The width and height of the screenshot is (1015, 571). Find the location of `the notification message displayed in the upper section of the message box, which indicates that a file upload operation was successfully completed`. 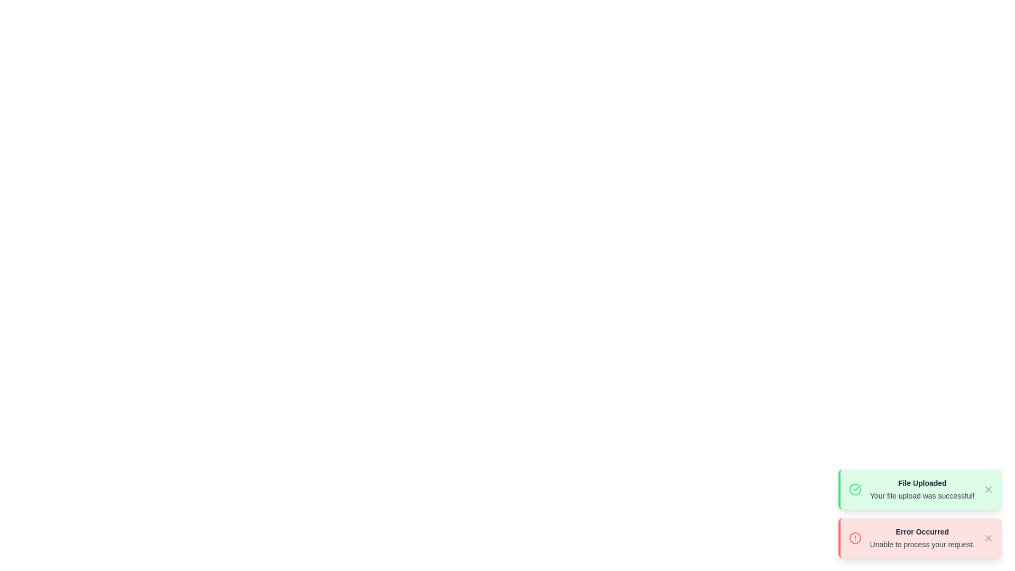

the notification message displayed in the upper section of the message box, which indicates that a file upload operation was successfully completed is located at coordinates (921, 489).